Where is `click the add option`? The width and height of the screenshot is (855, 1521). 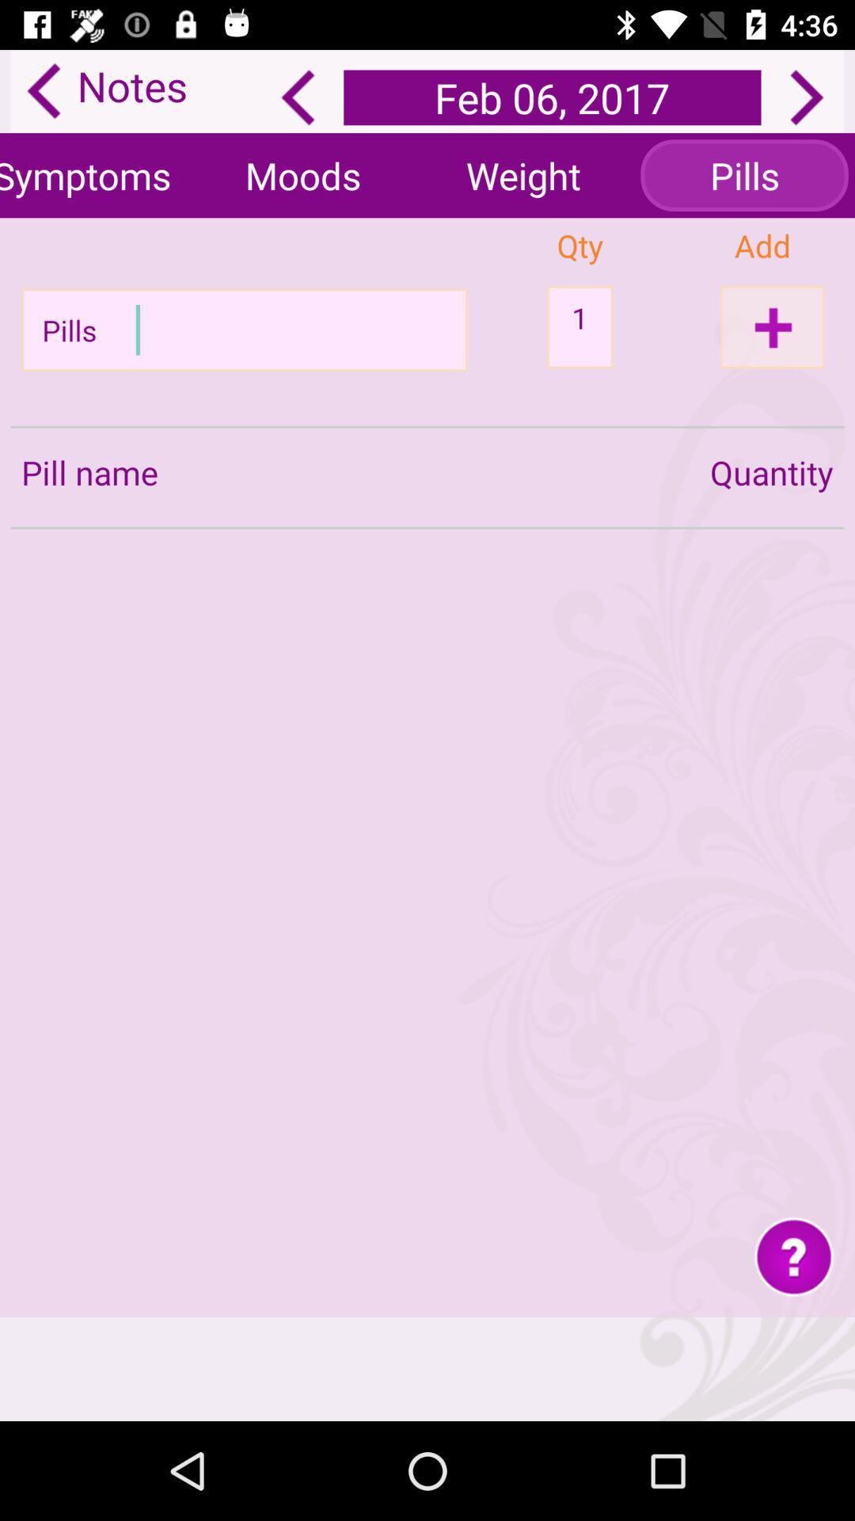 click the add option is located at coordinates (772, 326).